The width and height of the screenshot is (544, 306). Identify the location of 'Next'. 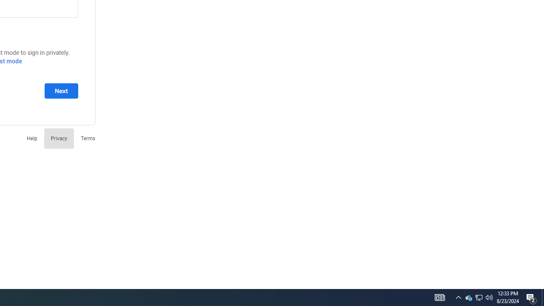
(61, 91).